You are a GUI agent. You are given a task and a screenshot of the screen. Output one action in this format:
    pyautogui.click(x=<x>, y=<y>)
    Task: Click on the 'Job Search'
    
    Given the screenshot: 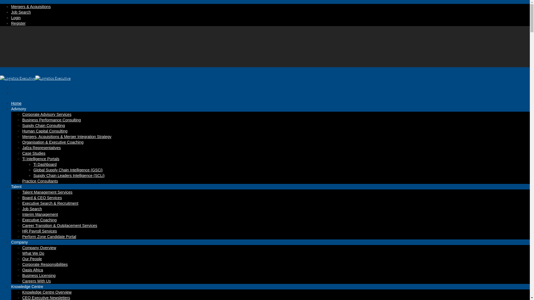 What is the action you would take?
    pyautogui.click(x=21, y=12)
    